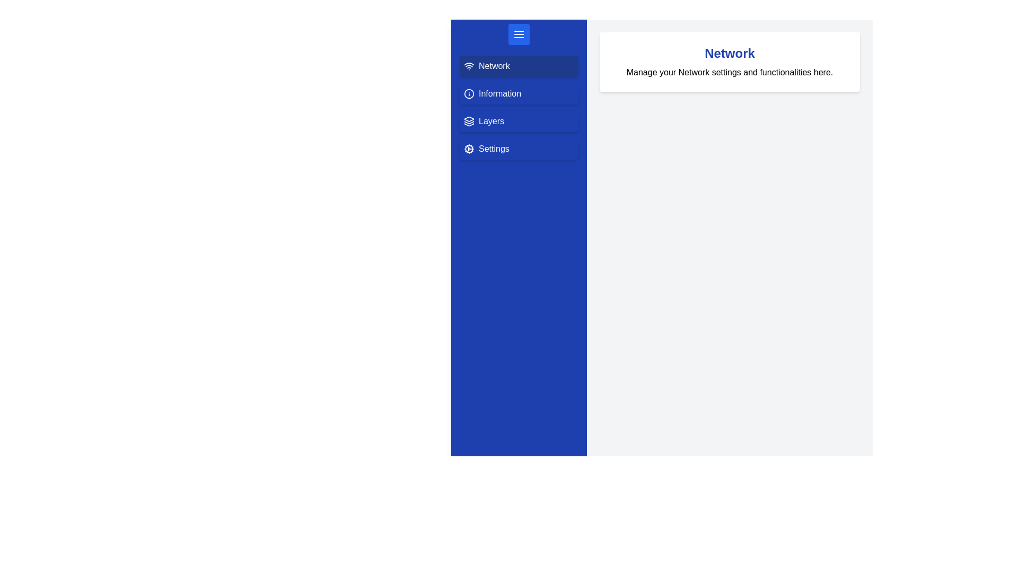 The width and height of the screenshot is (1018, 573). What do you see at coordinates (519, 120) in the screenshot?
I see `the drawer option labeled 'Layers' to observe the hover effect` at bounding box center [519, 120].